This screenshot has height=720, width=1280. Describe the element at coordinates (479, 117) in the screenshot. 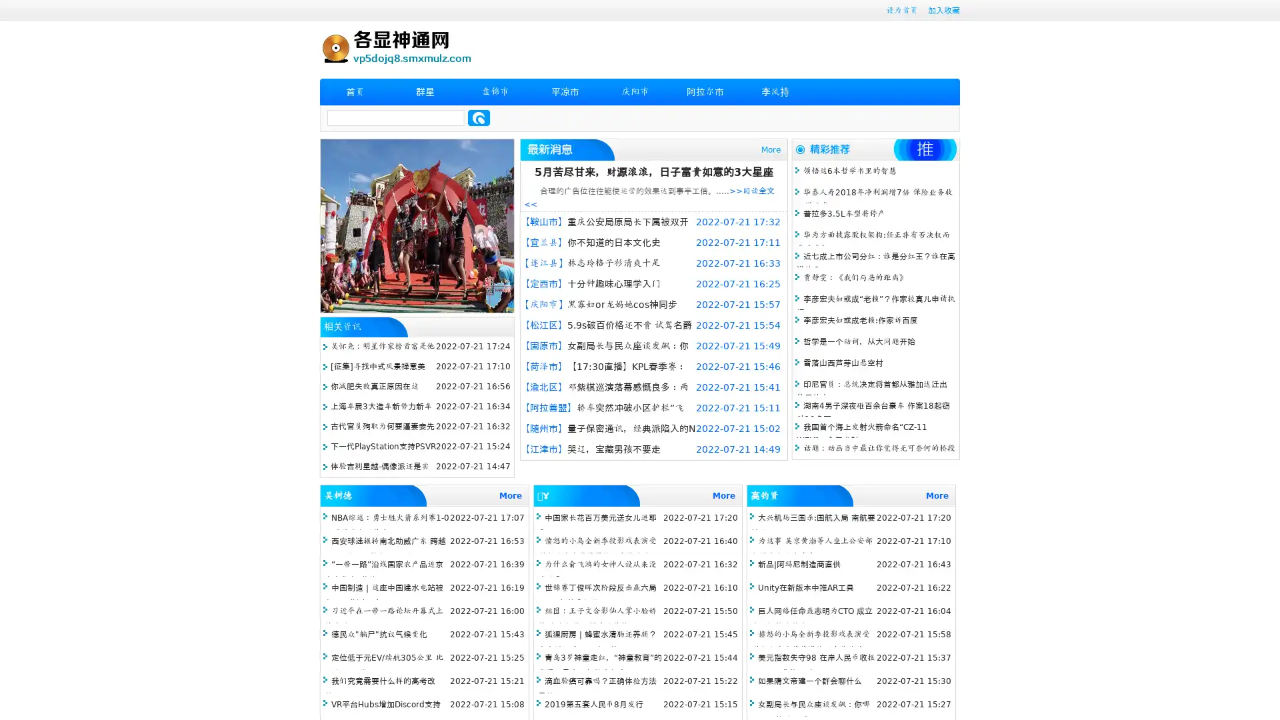

I see `Search` at that location.